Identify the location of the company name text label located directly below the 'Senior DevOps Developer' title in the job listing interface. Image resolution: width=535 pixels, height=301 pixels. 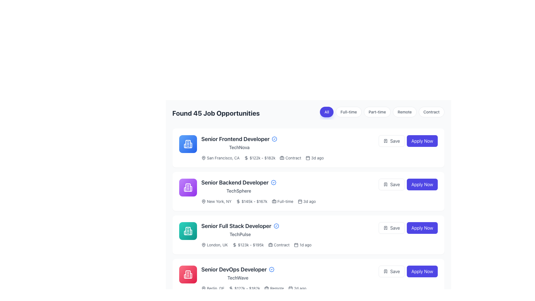
(238, 278).